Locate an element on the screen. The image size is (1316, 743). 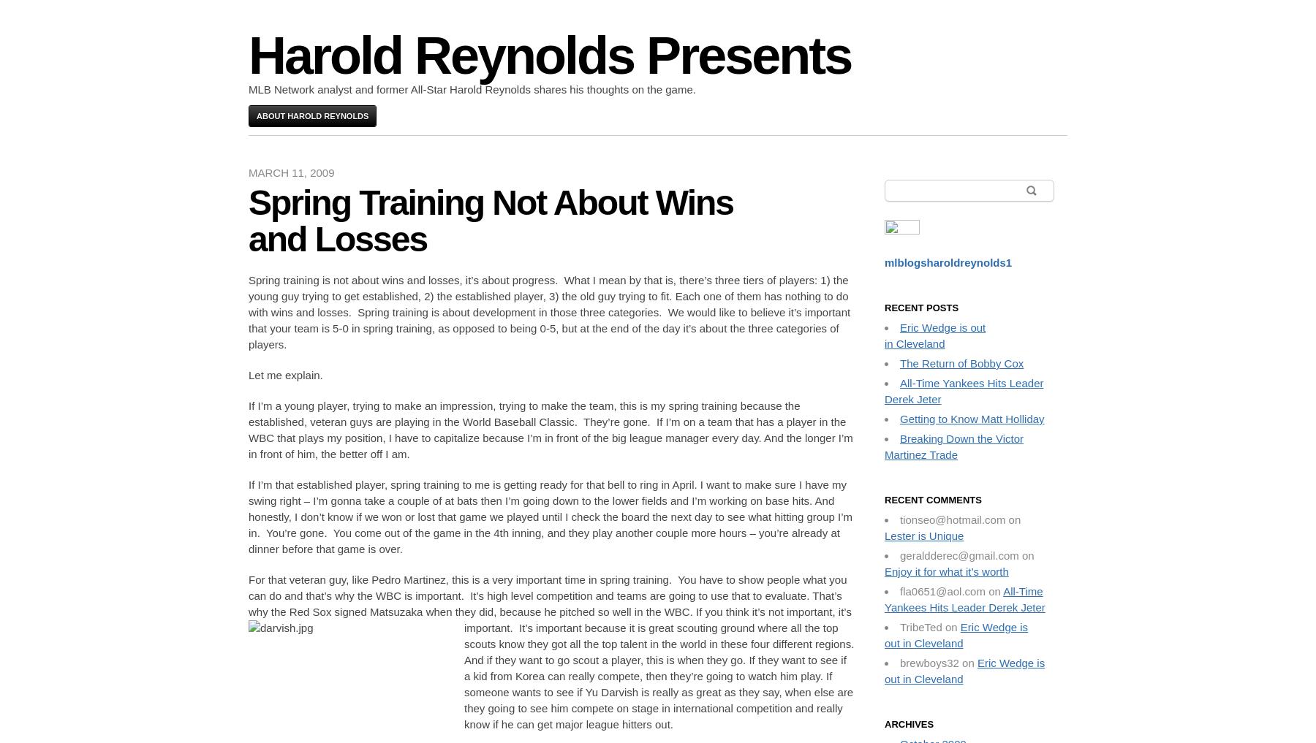
'geraldderec@gmail.com on' is located at coordinates (967, 555).